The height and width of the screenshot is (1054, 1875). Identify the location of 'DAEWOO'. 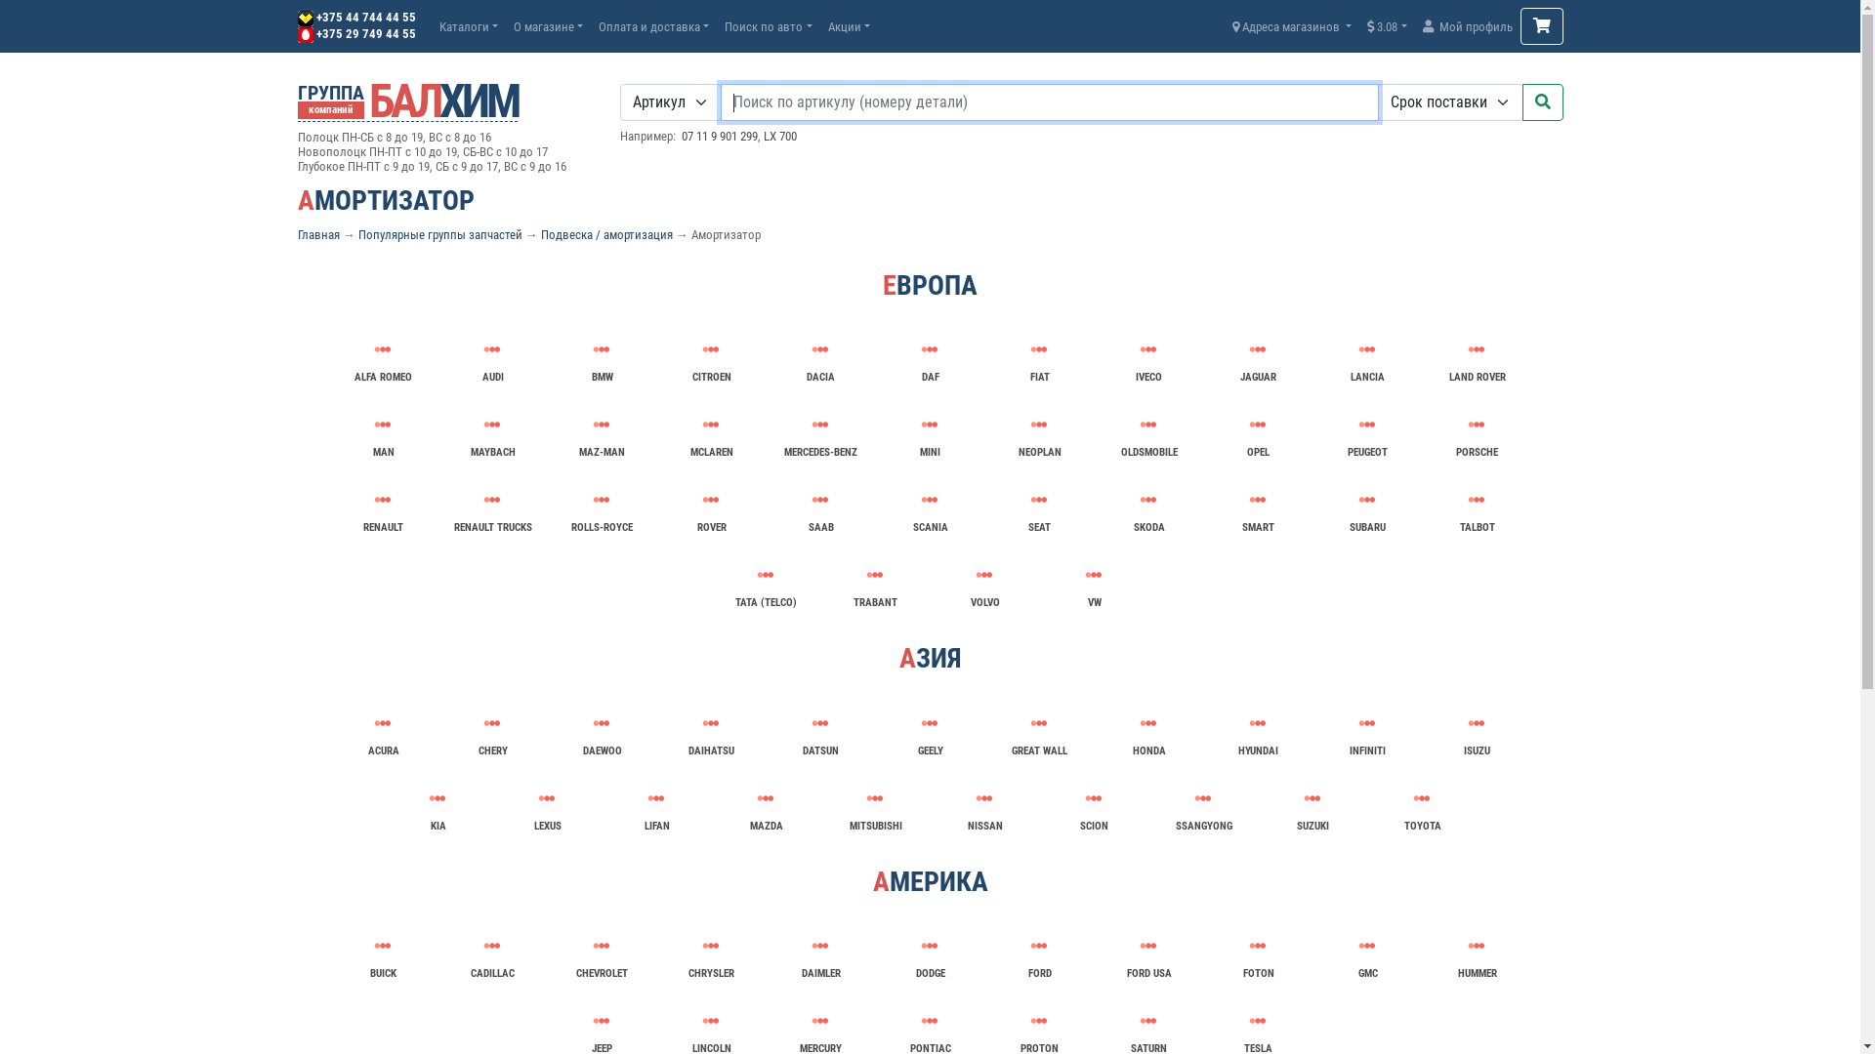
(600, 722).